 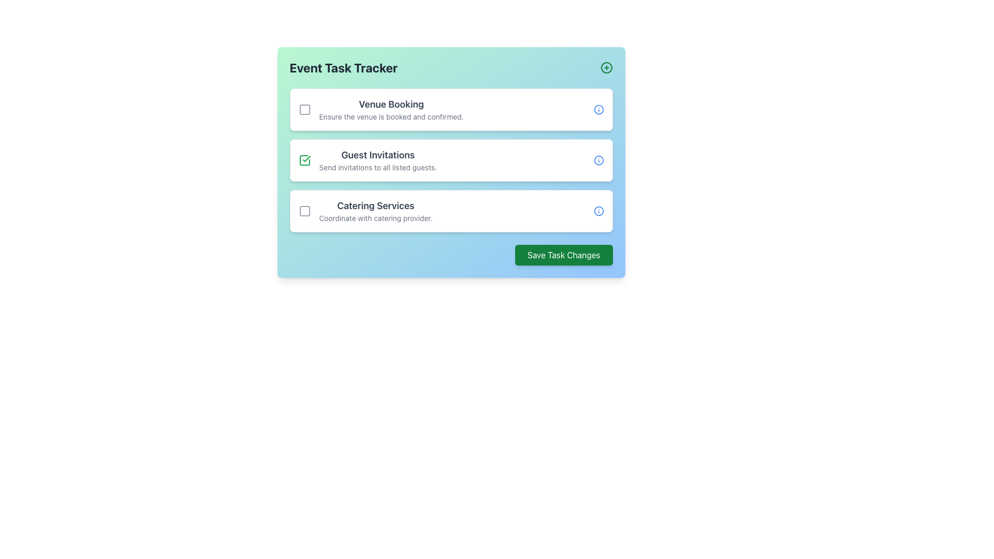 I want to click on the text element displaying 'Coordinate with catering provider.' which is styled in gray and located beneath 'Catering Services', so click(x=375, y=217).